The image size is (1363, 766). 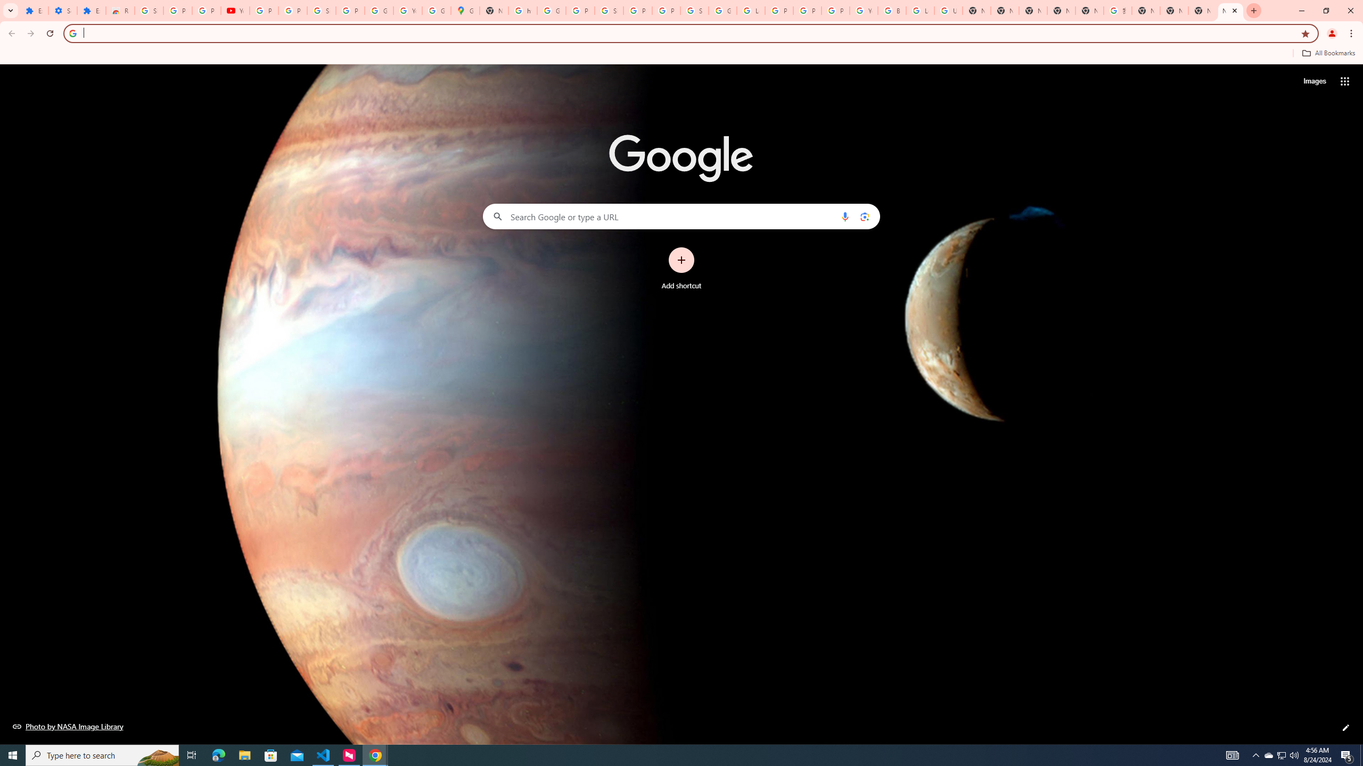 What do you see at coordinates (1174, 10) in the screenshot?
I see `'New Tab'` at bounding box center [1174, 10].